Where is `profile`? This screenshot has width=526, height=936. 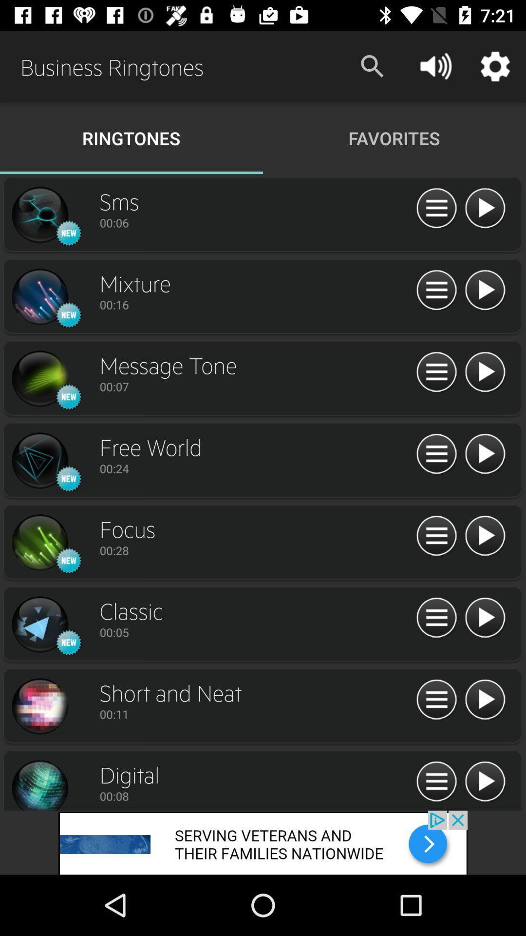 profile is located at coordinates (39, 784).